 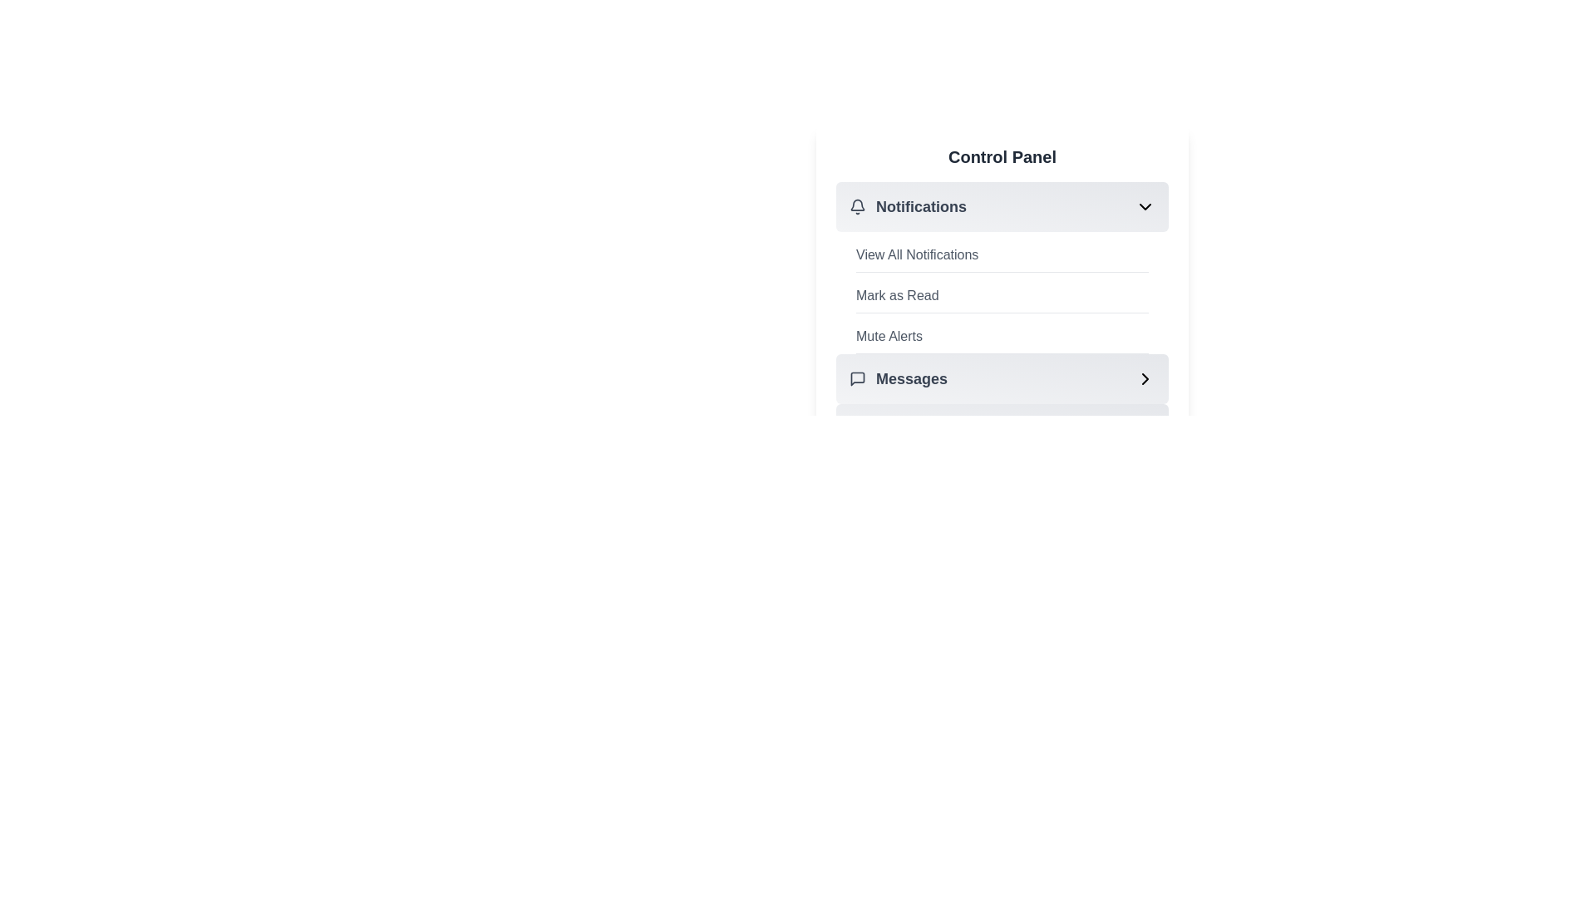 I want to click on the text label located beneath the Notifications heading in the control panel interface, so click(x=916, y=255).